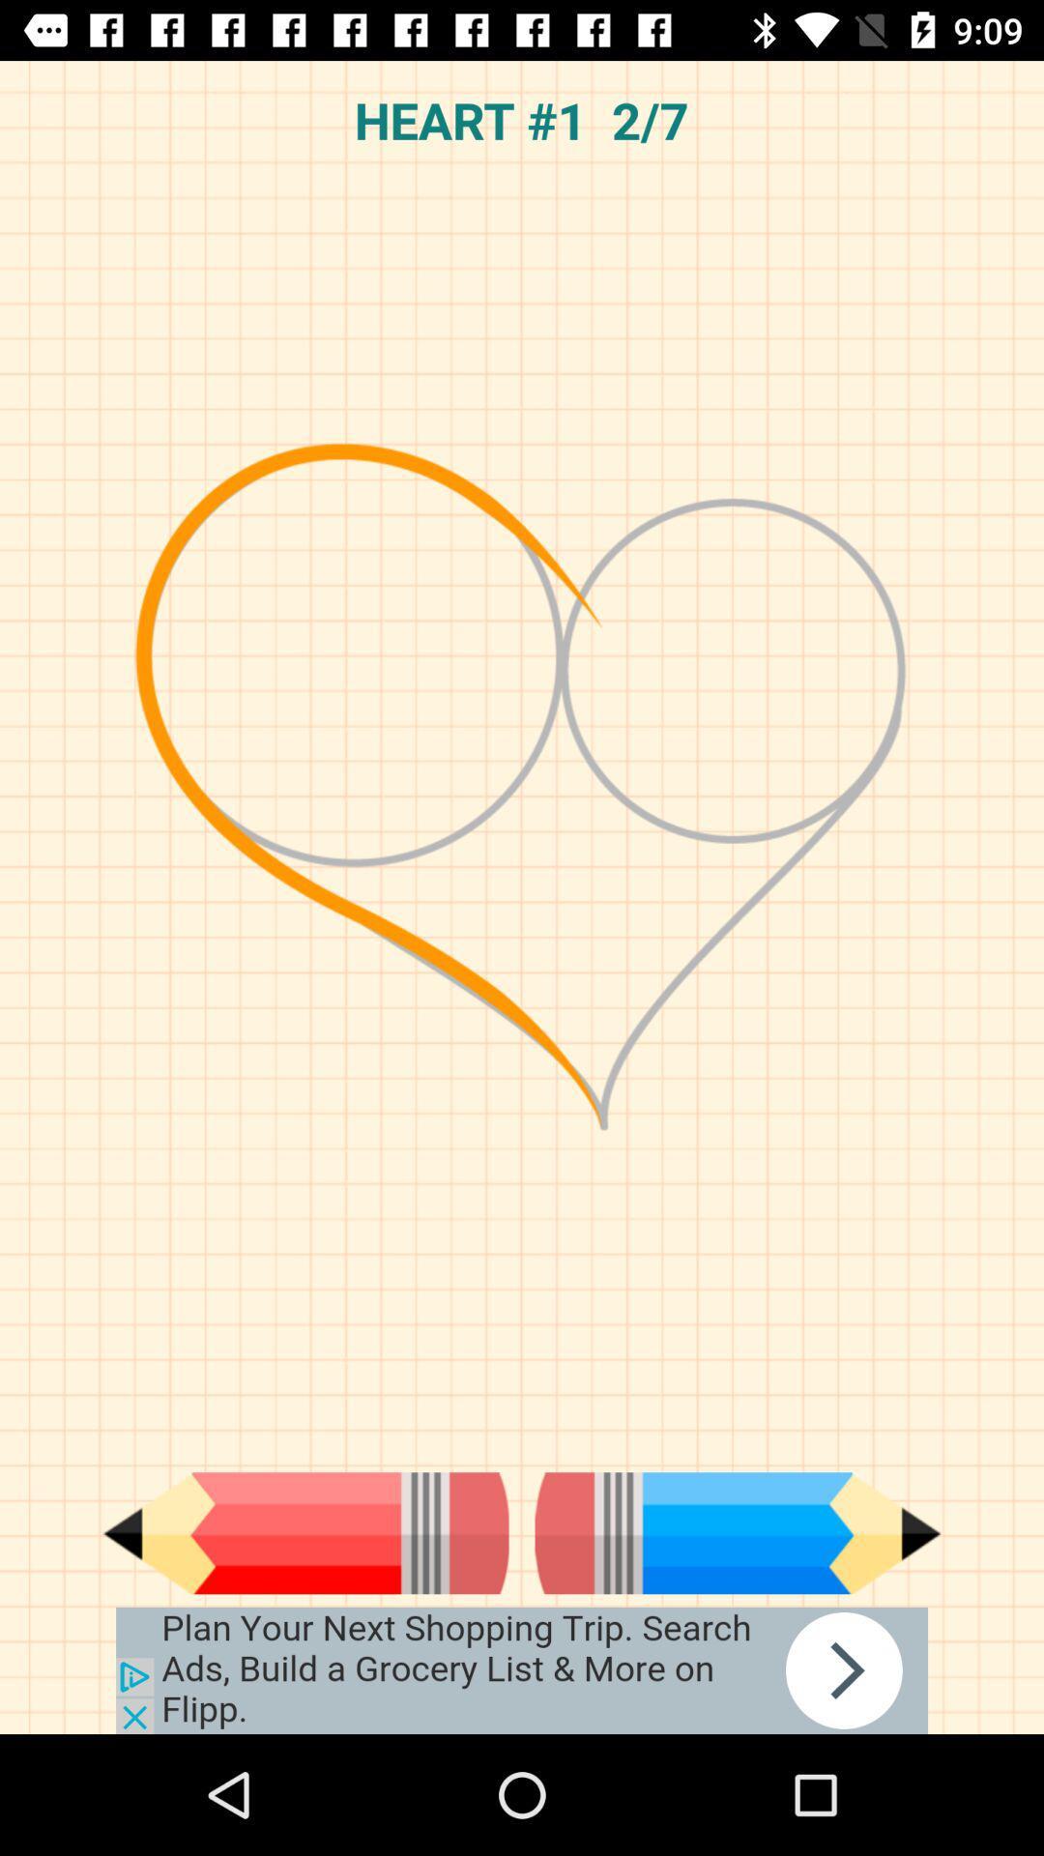 This screenshot has height=1856, width=1044. What do you see at coordinates (522, 1669) in the screenshot?
I see `click advertisement` at bounding box center [522, 1669].